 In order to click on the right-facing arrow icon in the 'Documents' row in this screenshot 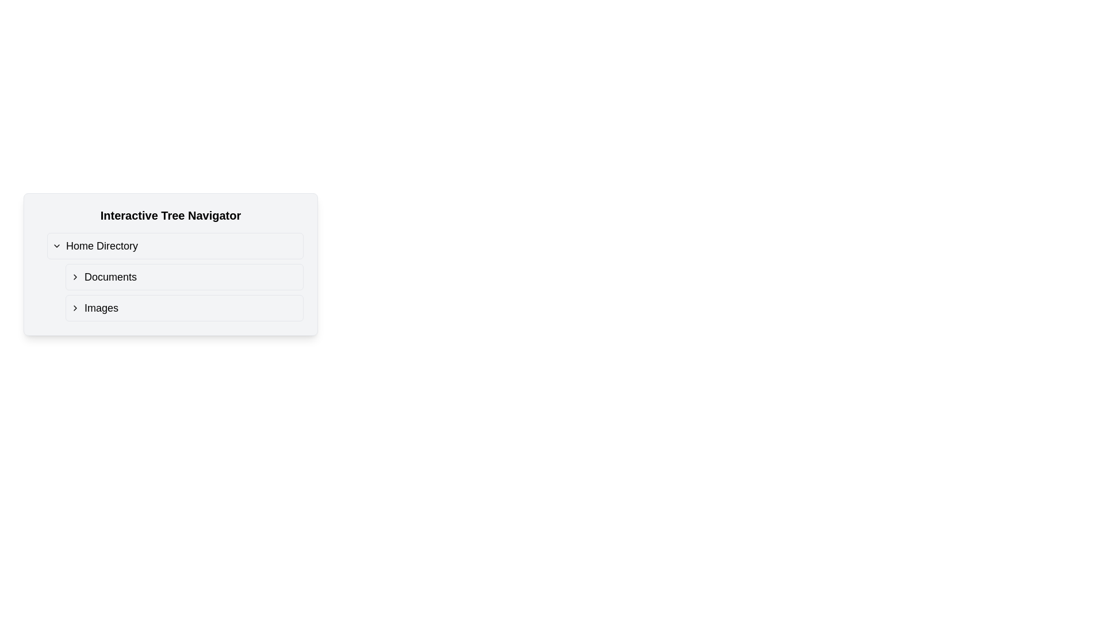, I will do `click(74, 277)`.